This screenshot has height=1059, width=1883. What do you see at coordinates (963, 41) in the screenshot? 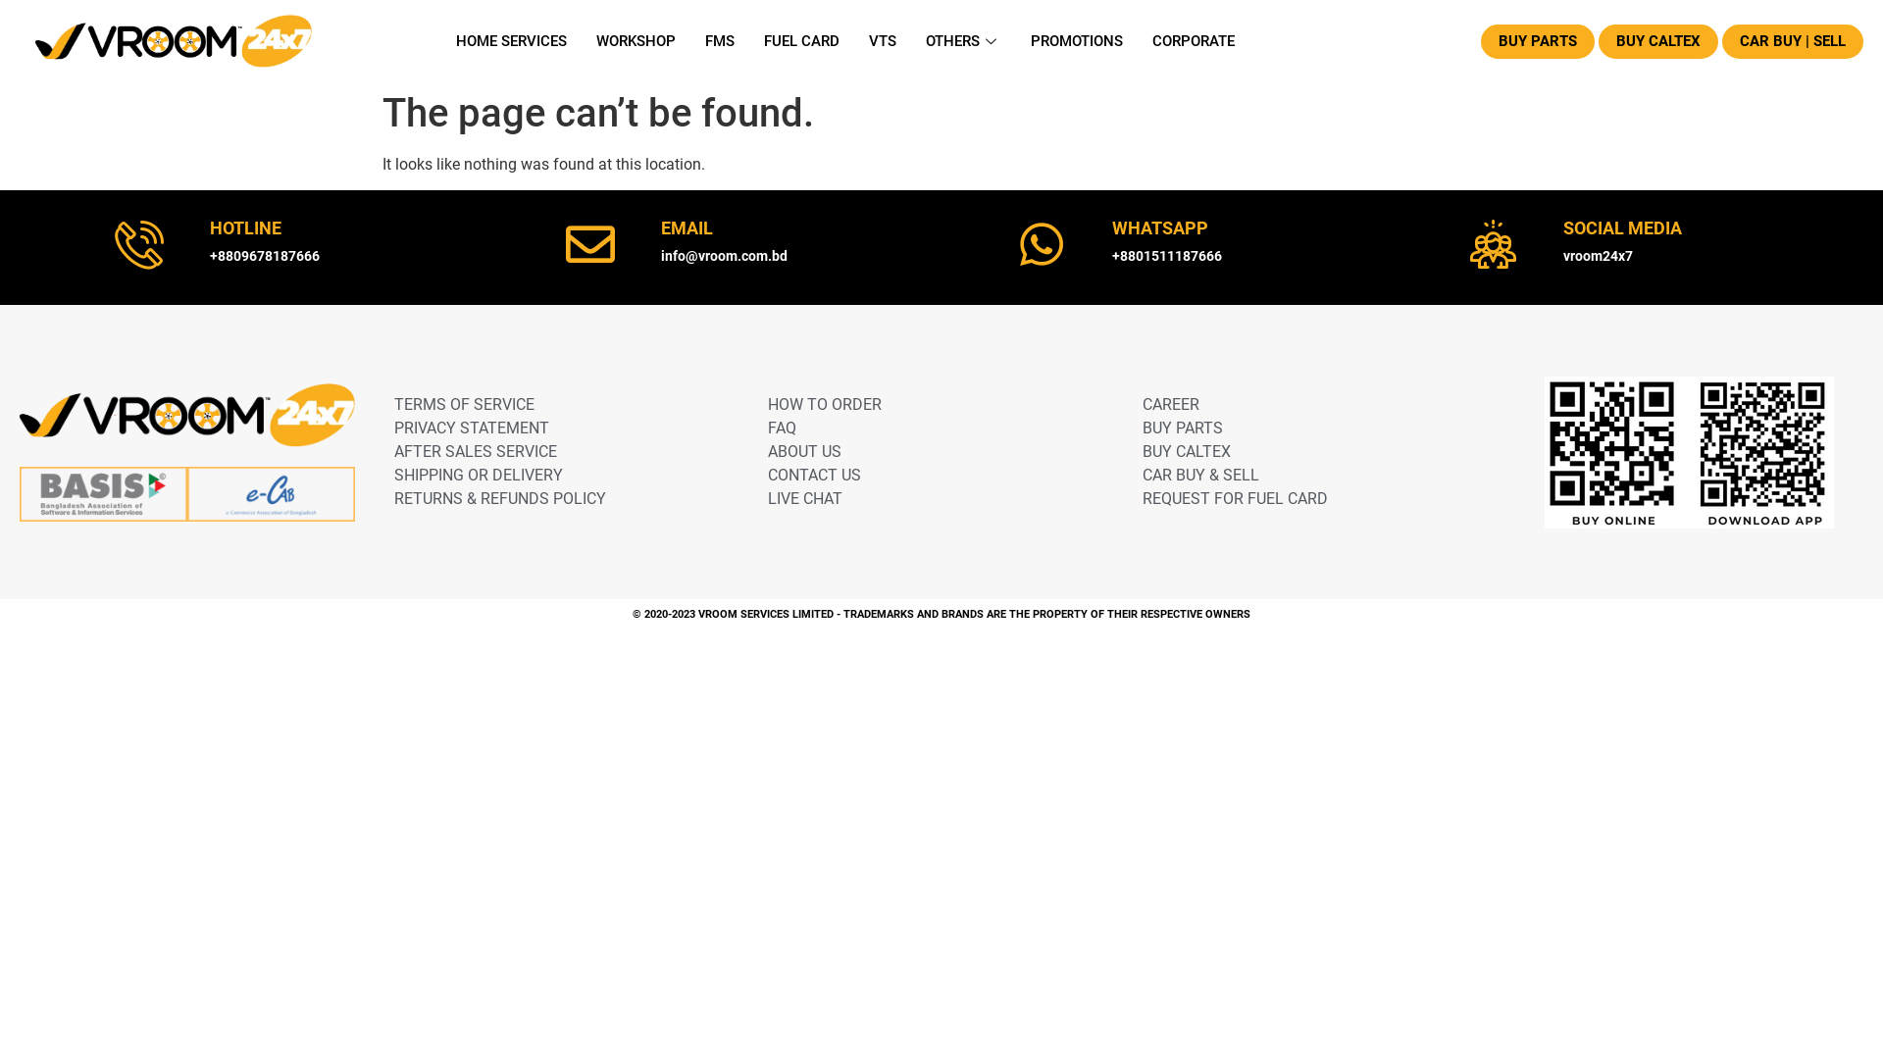
I see `'OTHERS'` at bounding box center [963, 41].